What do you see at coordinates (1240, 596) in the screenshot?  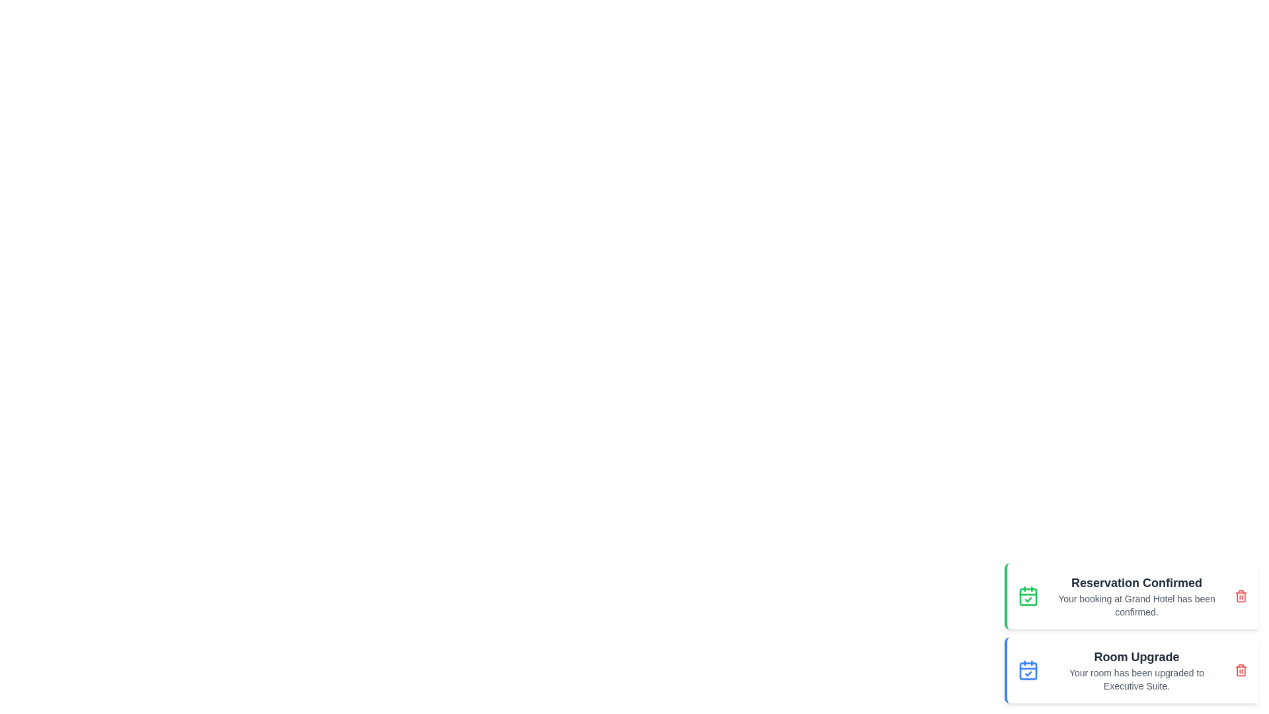 I see `the trash icon to dismiss the notification` at bounding box center [1240, 596].